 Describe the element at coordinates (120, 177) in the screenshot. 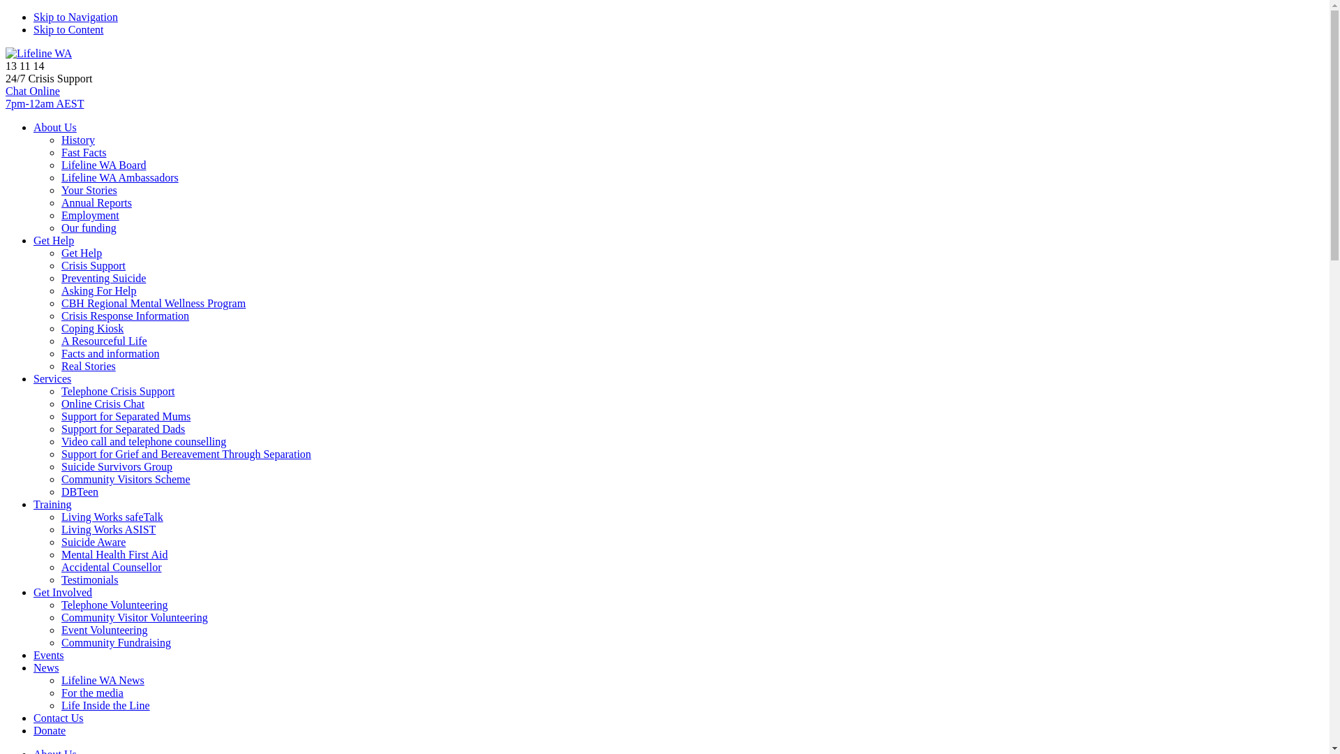

I see `'Lifeline WA Ambassadors'` at that location.